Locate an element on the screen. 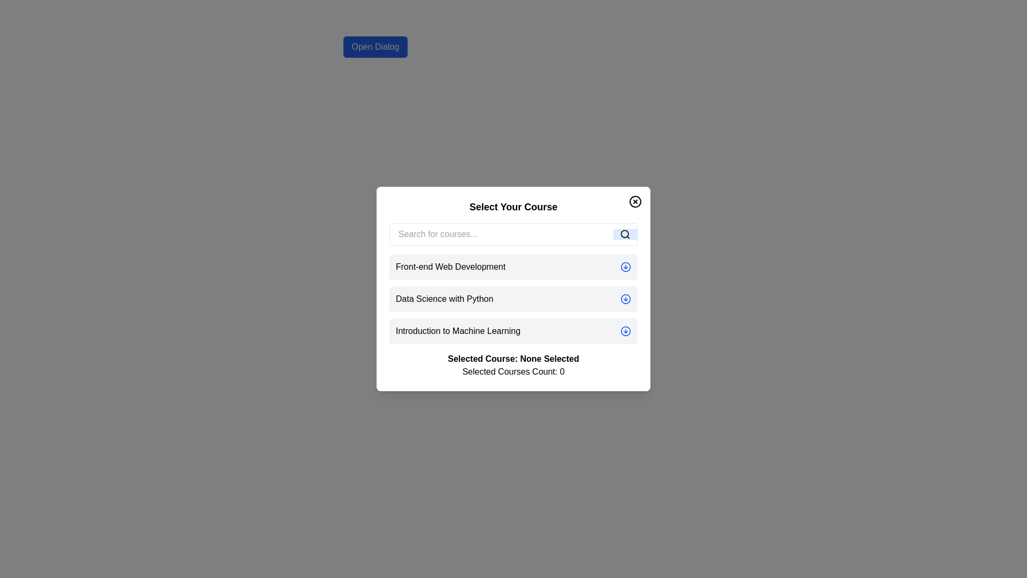 This screenshot has width=1027, height=578. the 'Introduction to Machine Learning' course selection item located in the third row of the course list is located at coordinates (458, 330).